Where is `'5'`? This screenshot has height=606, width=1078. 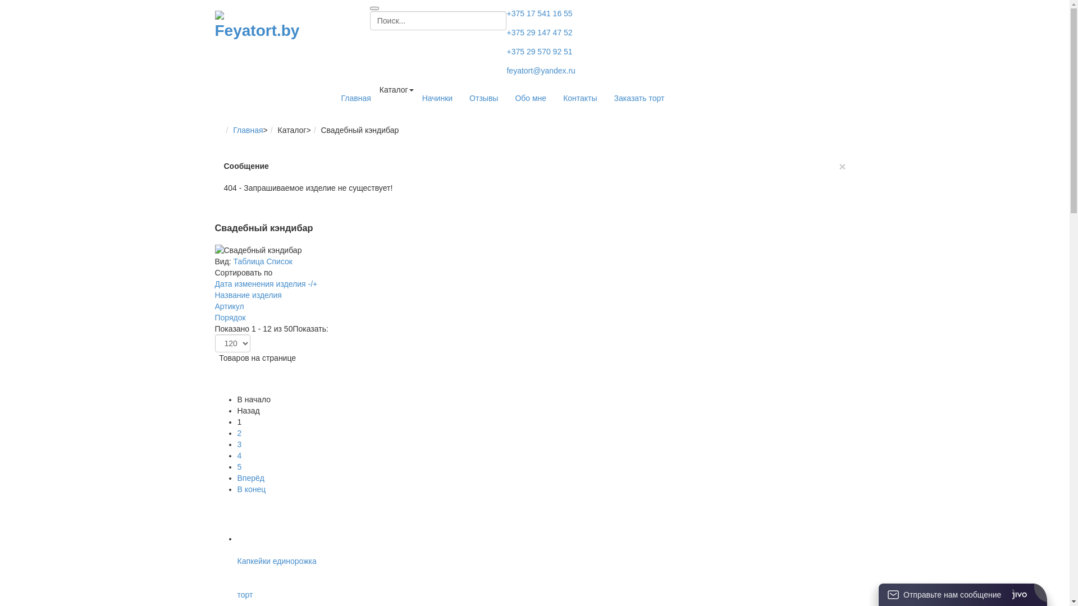 '5' is located at coordinates (239, 467).